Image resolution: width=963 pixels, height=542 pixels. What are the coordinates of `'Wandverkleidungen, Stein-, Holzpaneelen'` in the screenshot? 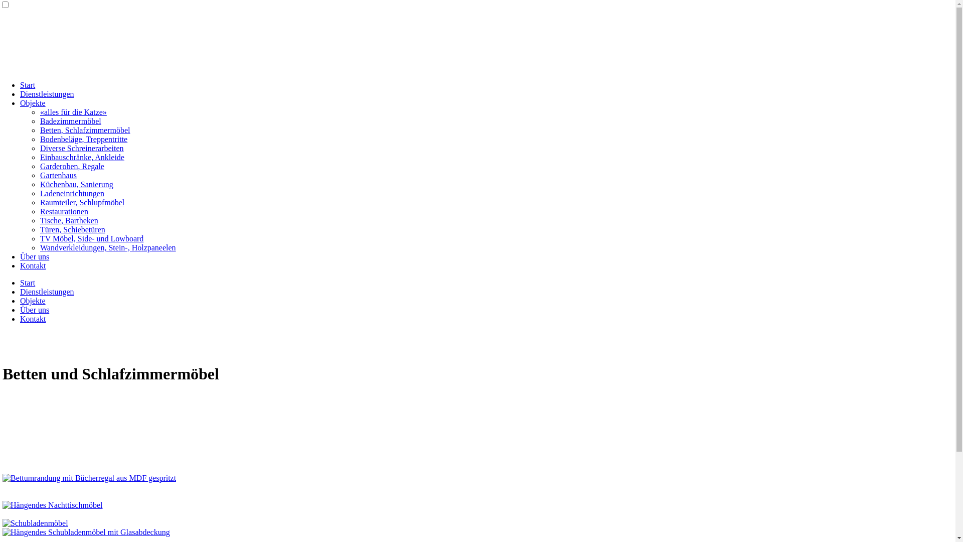 It's located at (108, 247).